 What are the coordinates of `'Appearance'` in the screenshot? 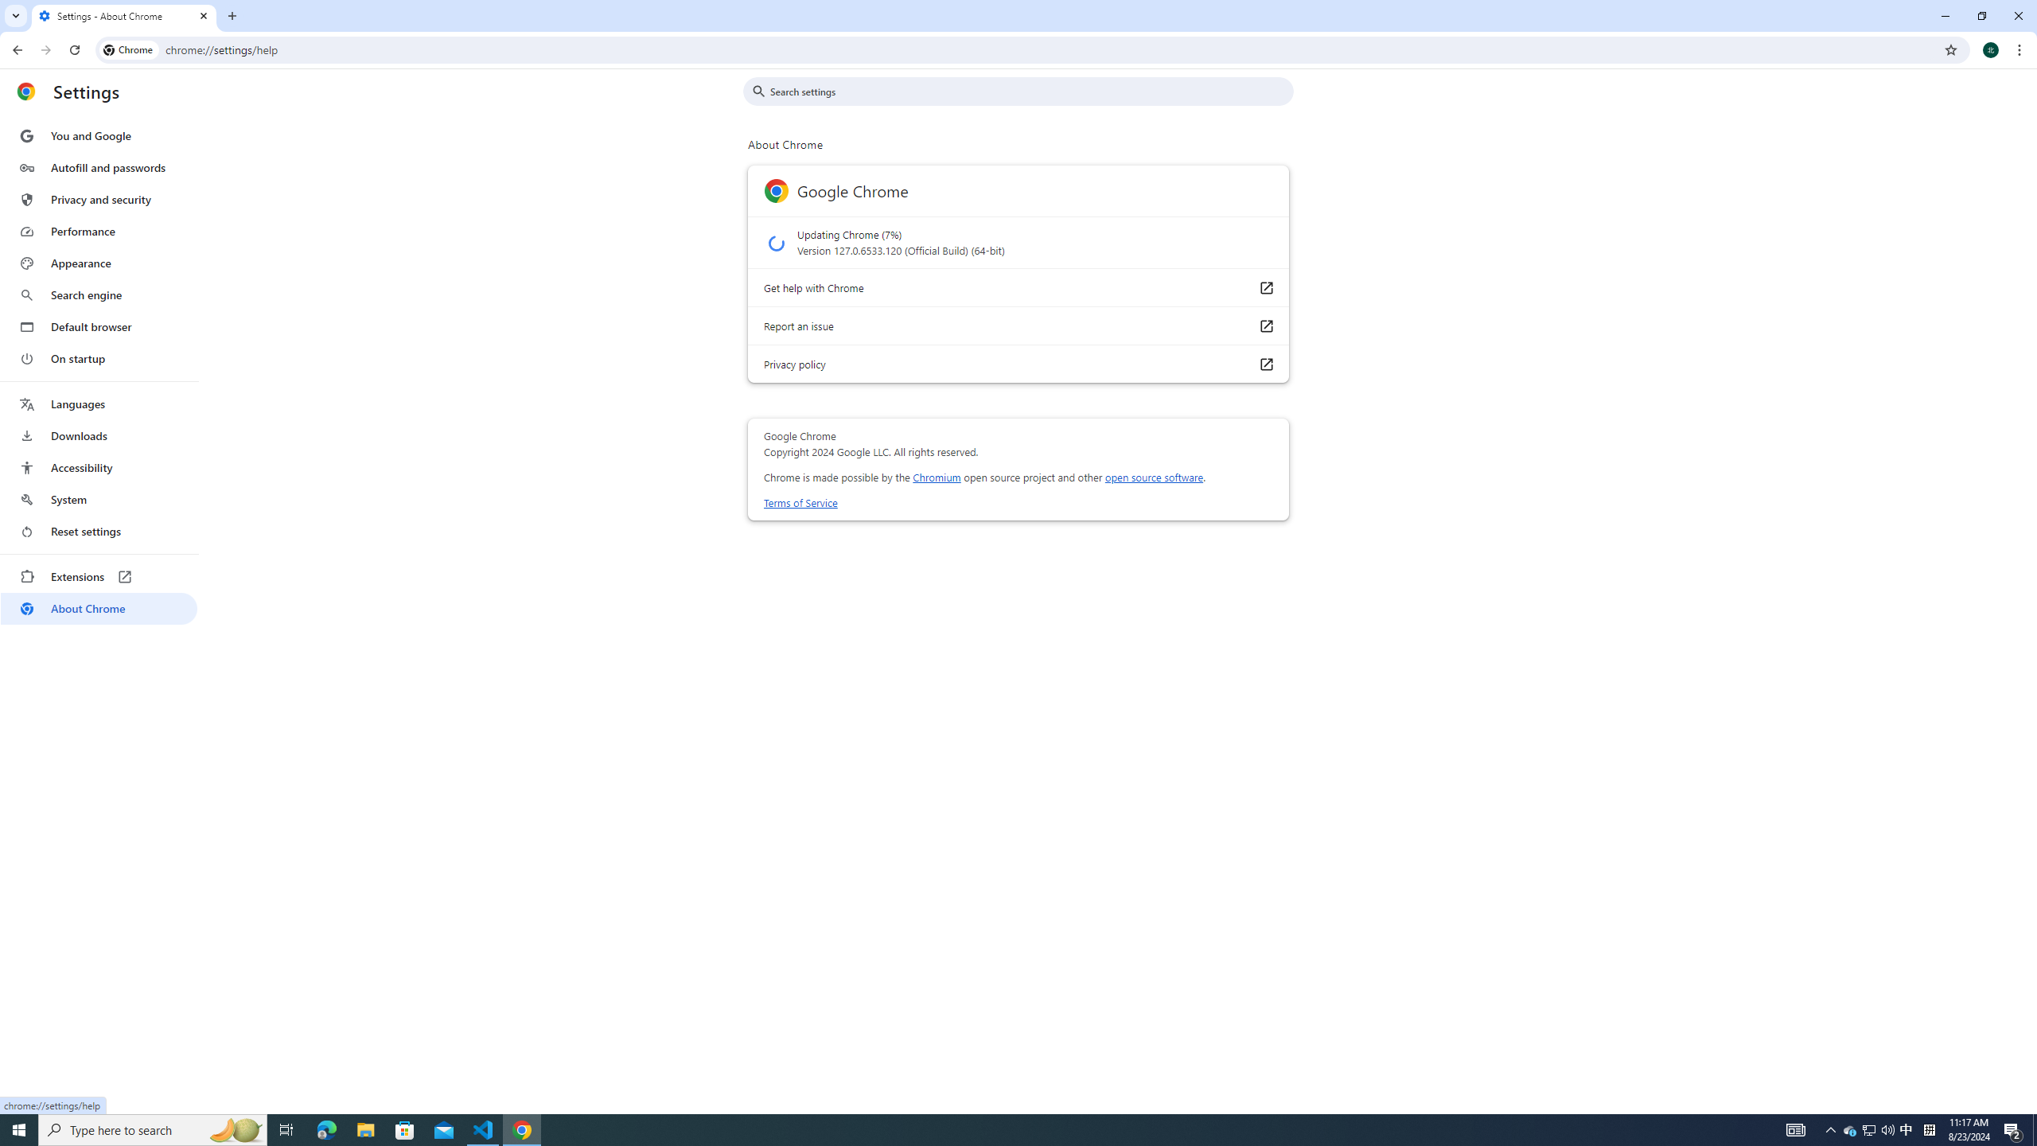 It's located at (98, 263).